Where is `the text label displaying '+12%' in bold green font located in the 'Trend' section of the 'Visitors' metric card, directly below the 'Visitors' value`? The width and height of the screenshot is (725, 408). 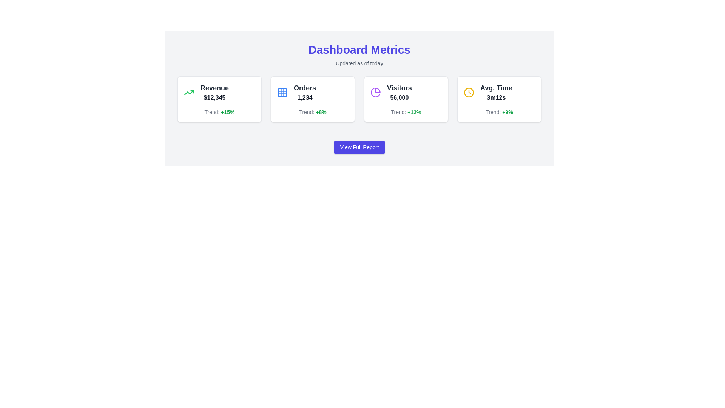
the text label displaying '+12%' in bold green font located in the 'Trend' section of the 'Visitors' metric card, directly below the 'Visitors' value is located at coordinates (414, 112).